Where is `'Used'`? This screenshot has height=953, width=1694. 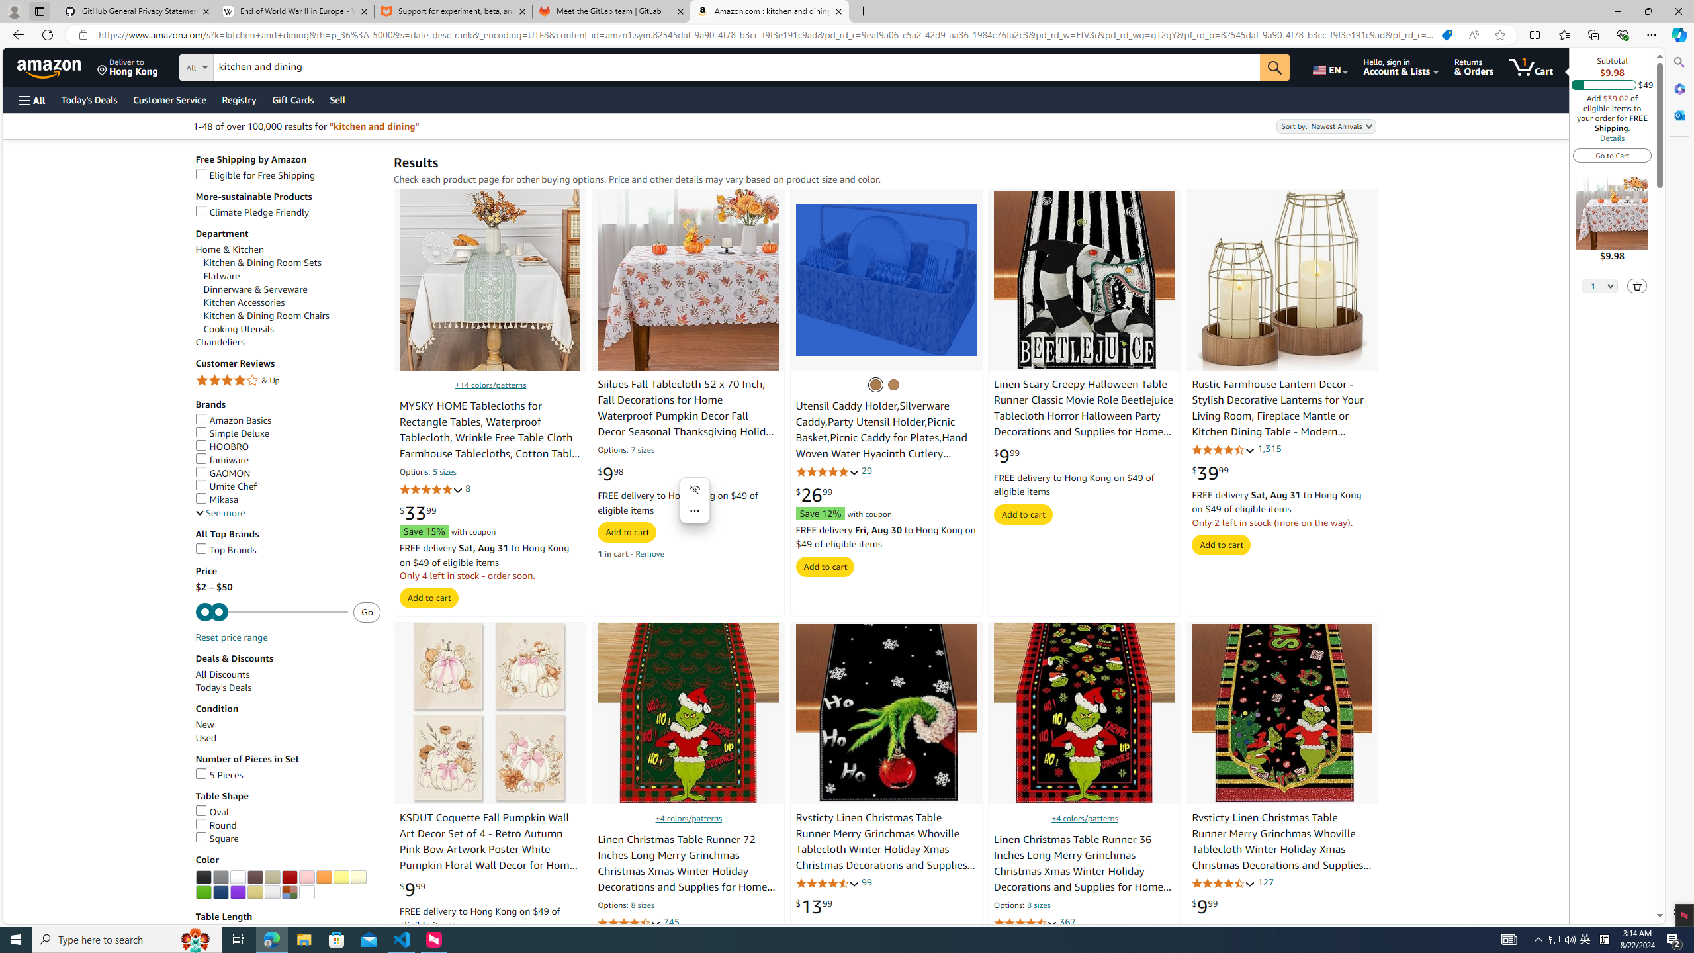 'Used' is located at coordinates (288, 738).